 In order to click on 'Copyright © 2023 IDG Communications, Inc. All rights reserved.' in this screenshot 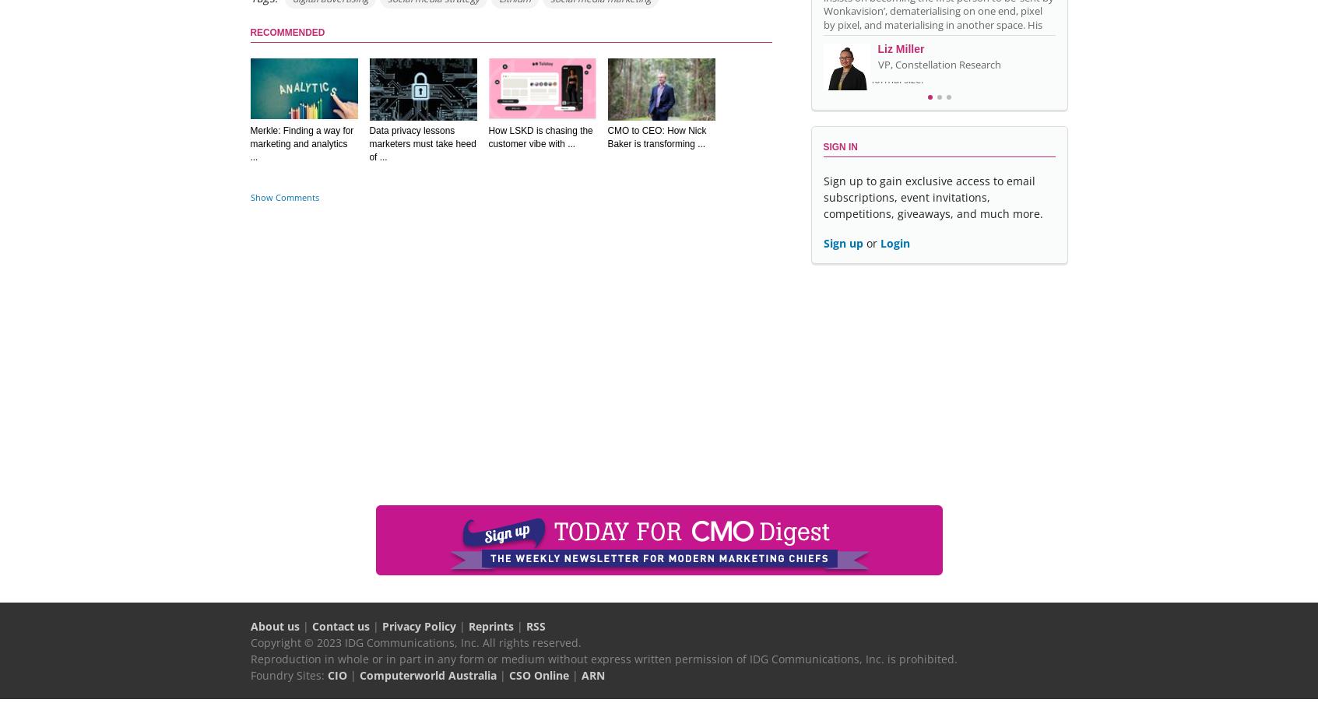, I will do `click(248, 641)`.